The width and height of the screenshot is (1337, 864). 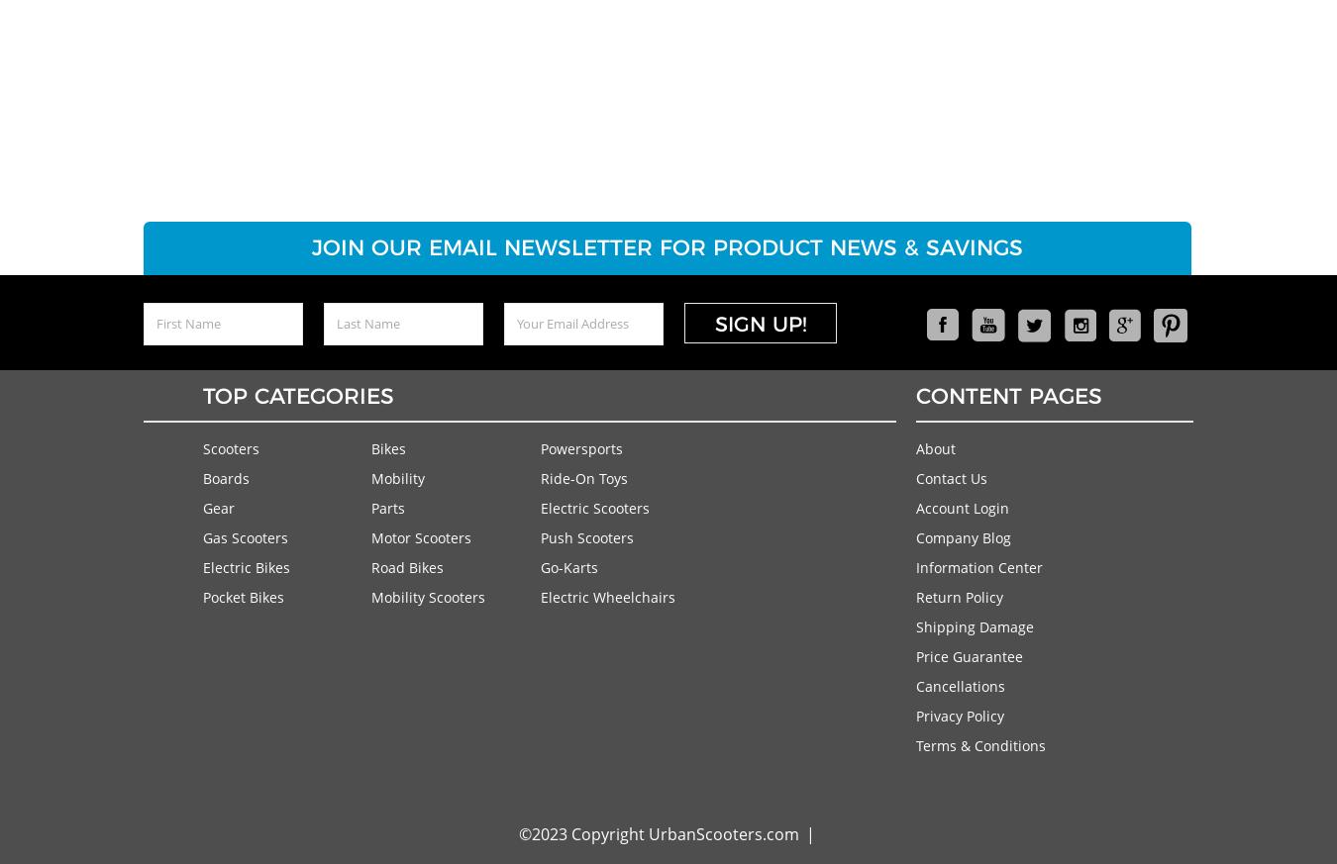 What do you see at coordinates (607, 595) in the screenshot?
I see `'Electric Wheelchairs'` at bounding box center [607, 595].